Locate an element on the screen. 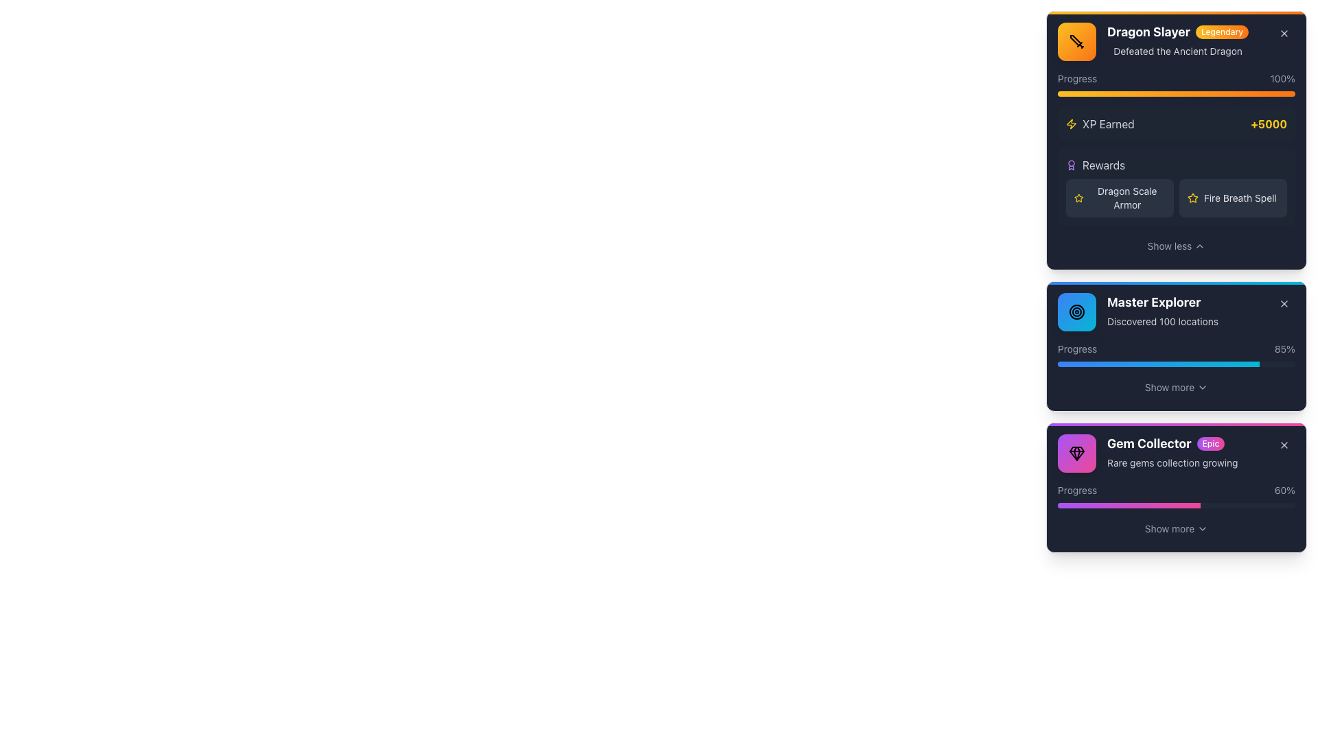 The width and height of the screenshot is (1318, 741). the badge labeled 'Legendary' in the Header component of the card is located at coordinates (1175, 41).